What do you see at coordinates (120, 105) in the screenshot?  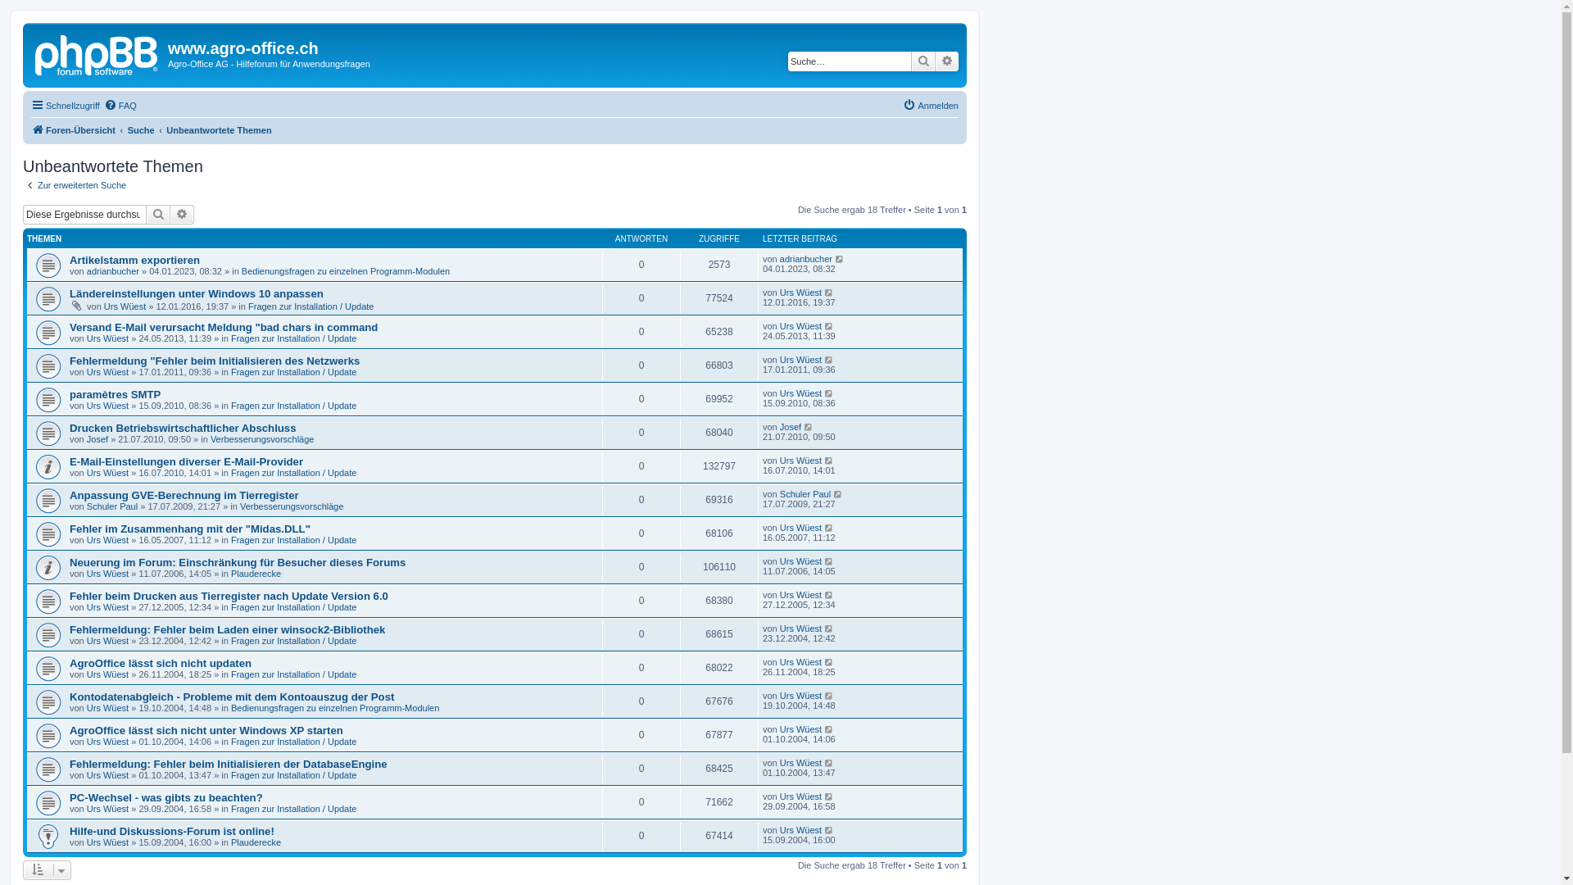 I see `'FAQ'` at bounding box center [120, 105].